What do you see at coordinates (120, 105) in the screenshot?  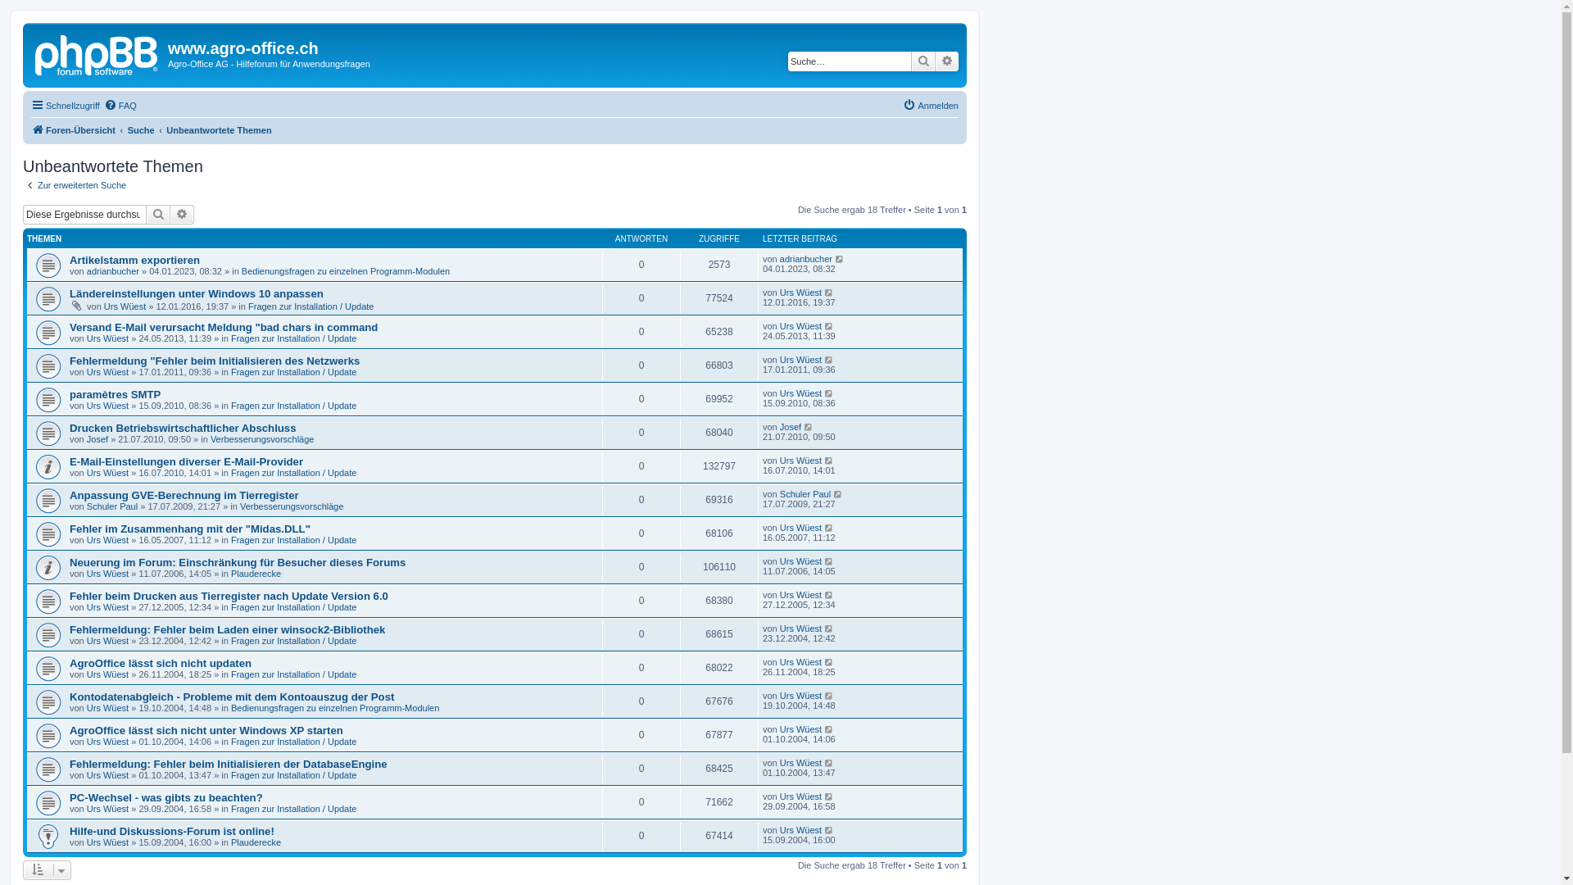 I see `'FAQ'` at bounding box center [120, 105].